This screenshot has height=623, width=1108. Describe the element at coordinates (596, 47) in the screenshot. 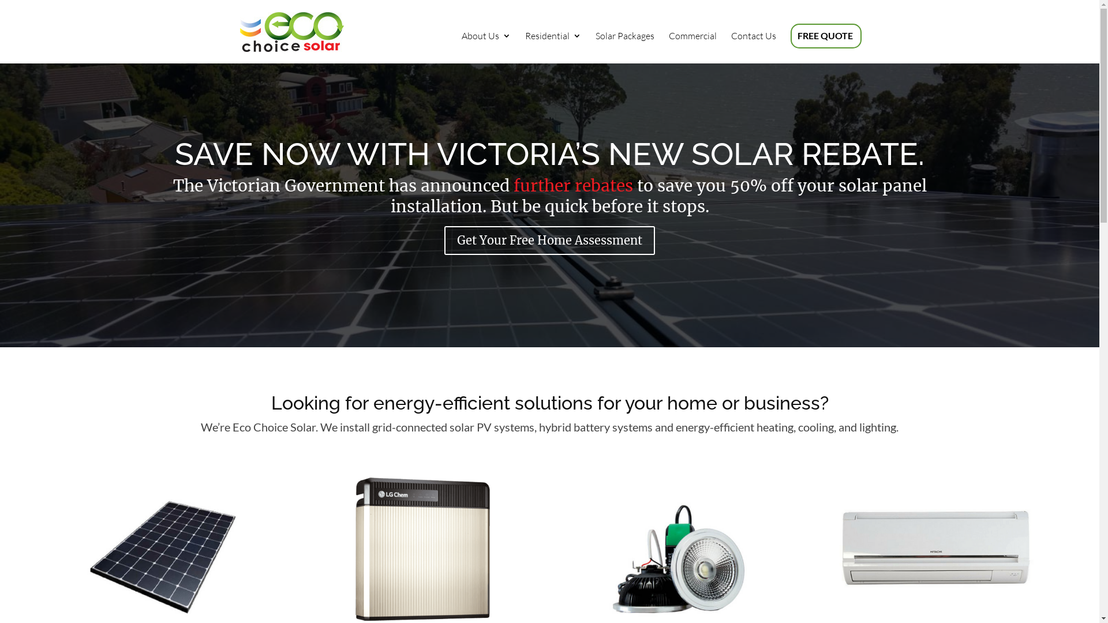

I see `'Solar Packages'` at that location.